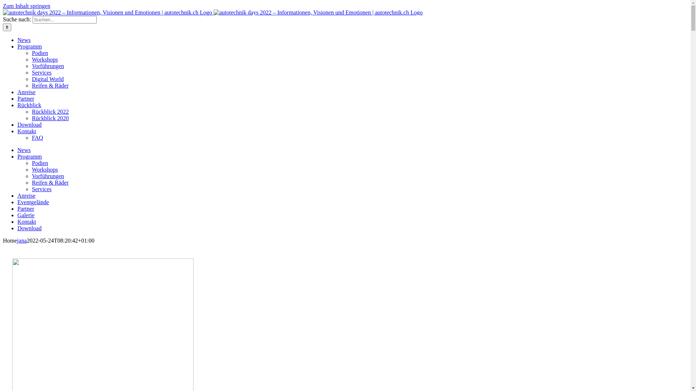 The width and height of the screenshot is (696, 391). What do you see at coordinates (41, 72) in the screenshot?
I see `'Services'` at bounding box center [41, 72].